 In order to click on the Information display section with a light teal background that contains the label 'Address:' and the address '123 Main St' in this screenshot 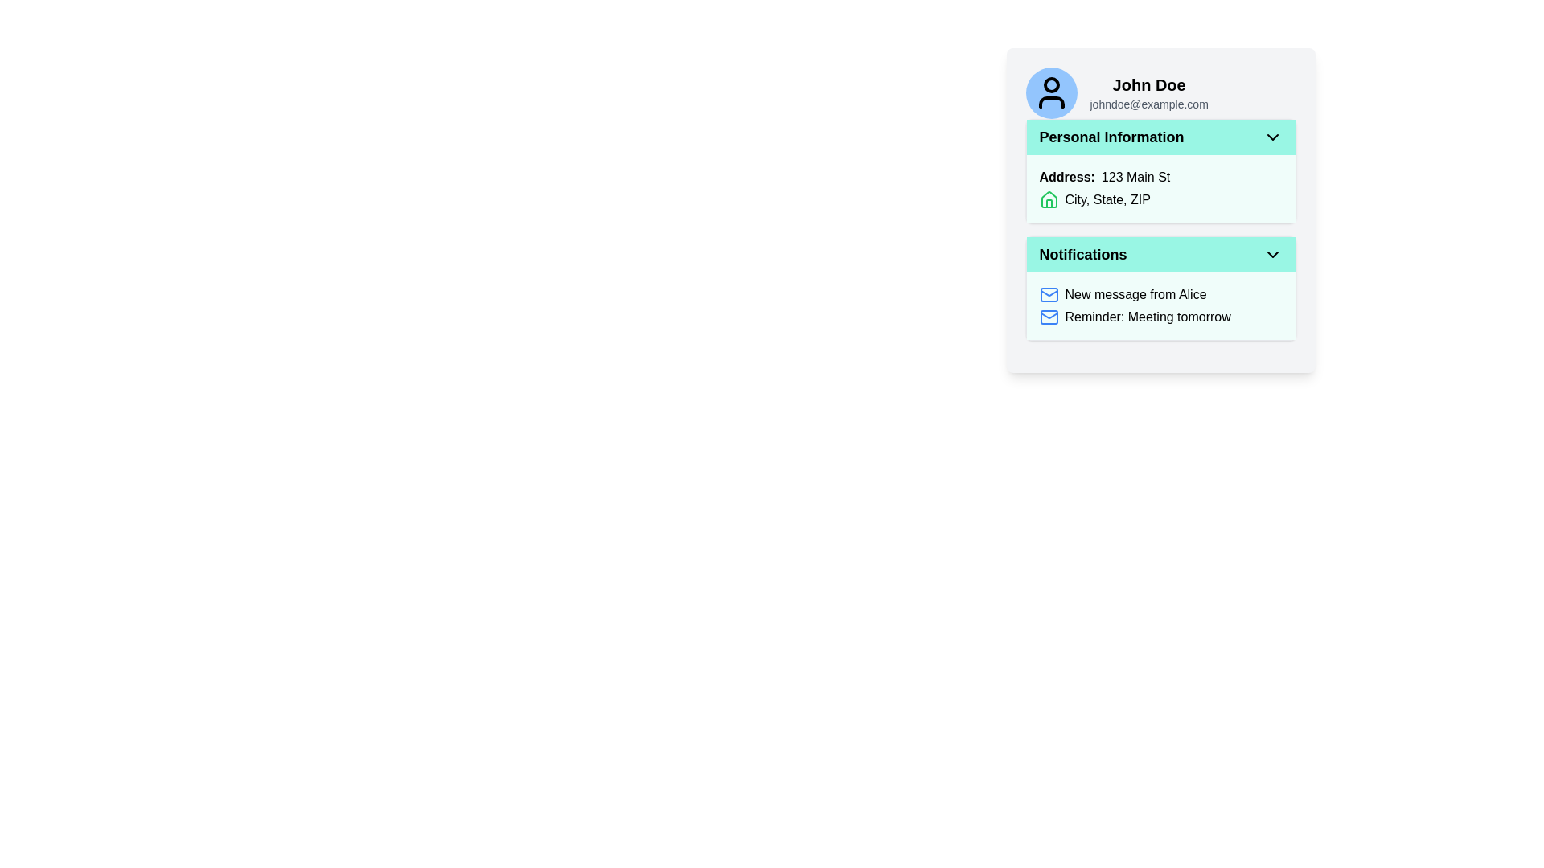, I will do `click(1160, 188)`.